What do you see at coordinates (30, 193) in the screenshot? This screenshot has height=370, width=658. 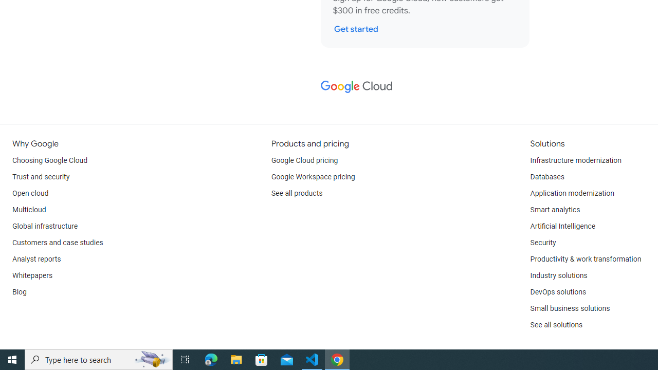 I see `'Open cloud'` at bounding box center [30, 193].